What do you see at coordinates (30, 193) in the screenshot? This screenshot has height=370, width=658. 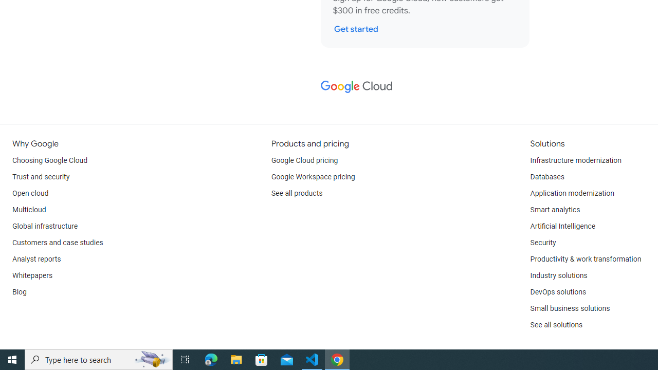 I see `'Open cloud'` at bounding box center [30, 193].